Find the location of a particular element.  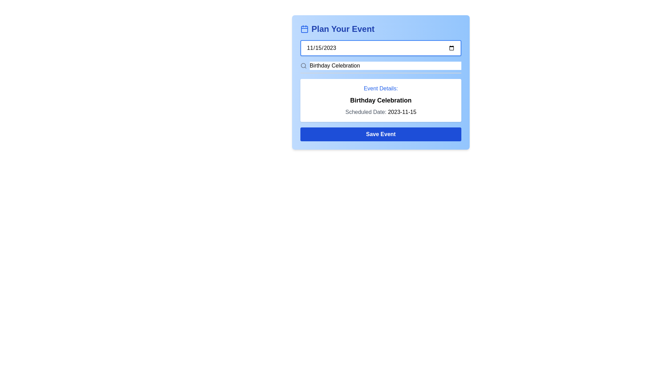

the save button located below the 'Event Details: Birthday Celebration Scheduled Date: 2023-11-15' text is located at coordinates (381, 134).